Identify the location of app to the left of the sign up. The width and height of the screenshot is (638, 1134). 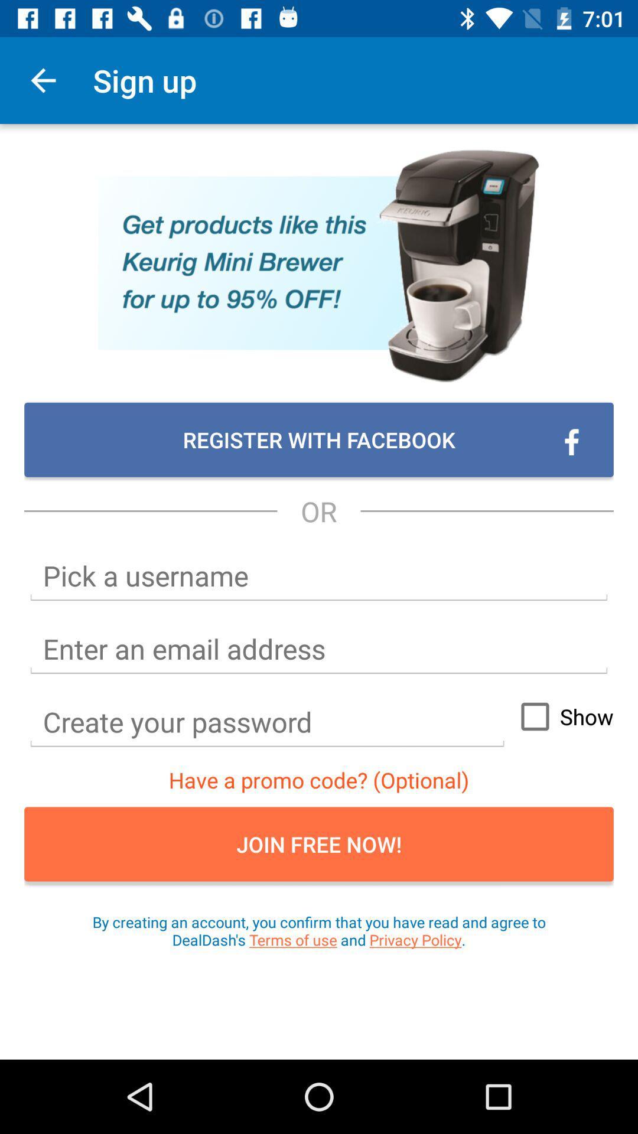
(43, 80).